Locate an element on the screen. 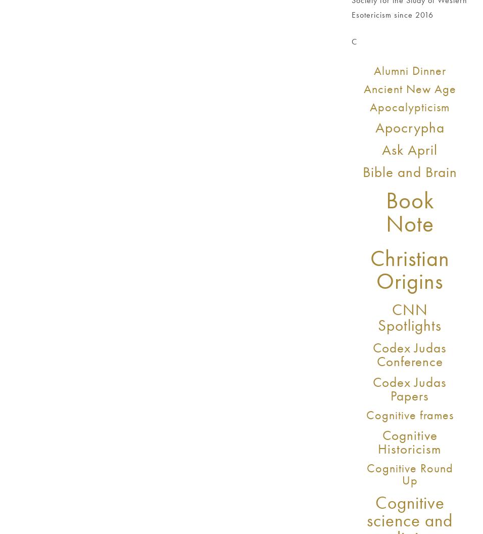 This screenshot has height=534, width=483. 'Apocrypha' is located at coordinates (409, 126).